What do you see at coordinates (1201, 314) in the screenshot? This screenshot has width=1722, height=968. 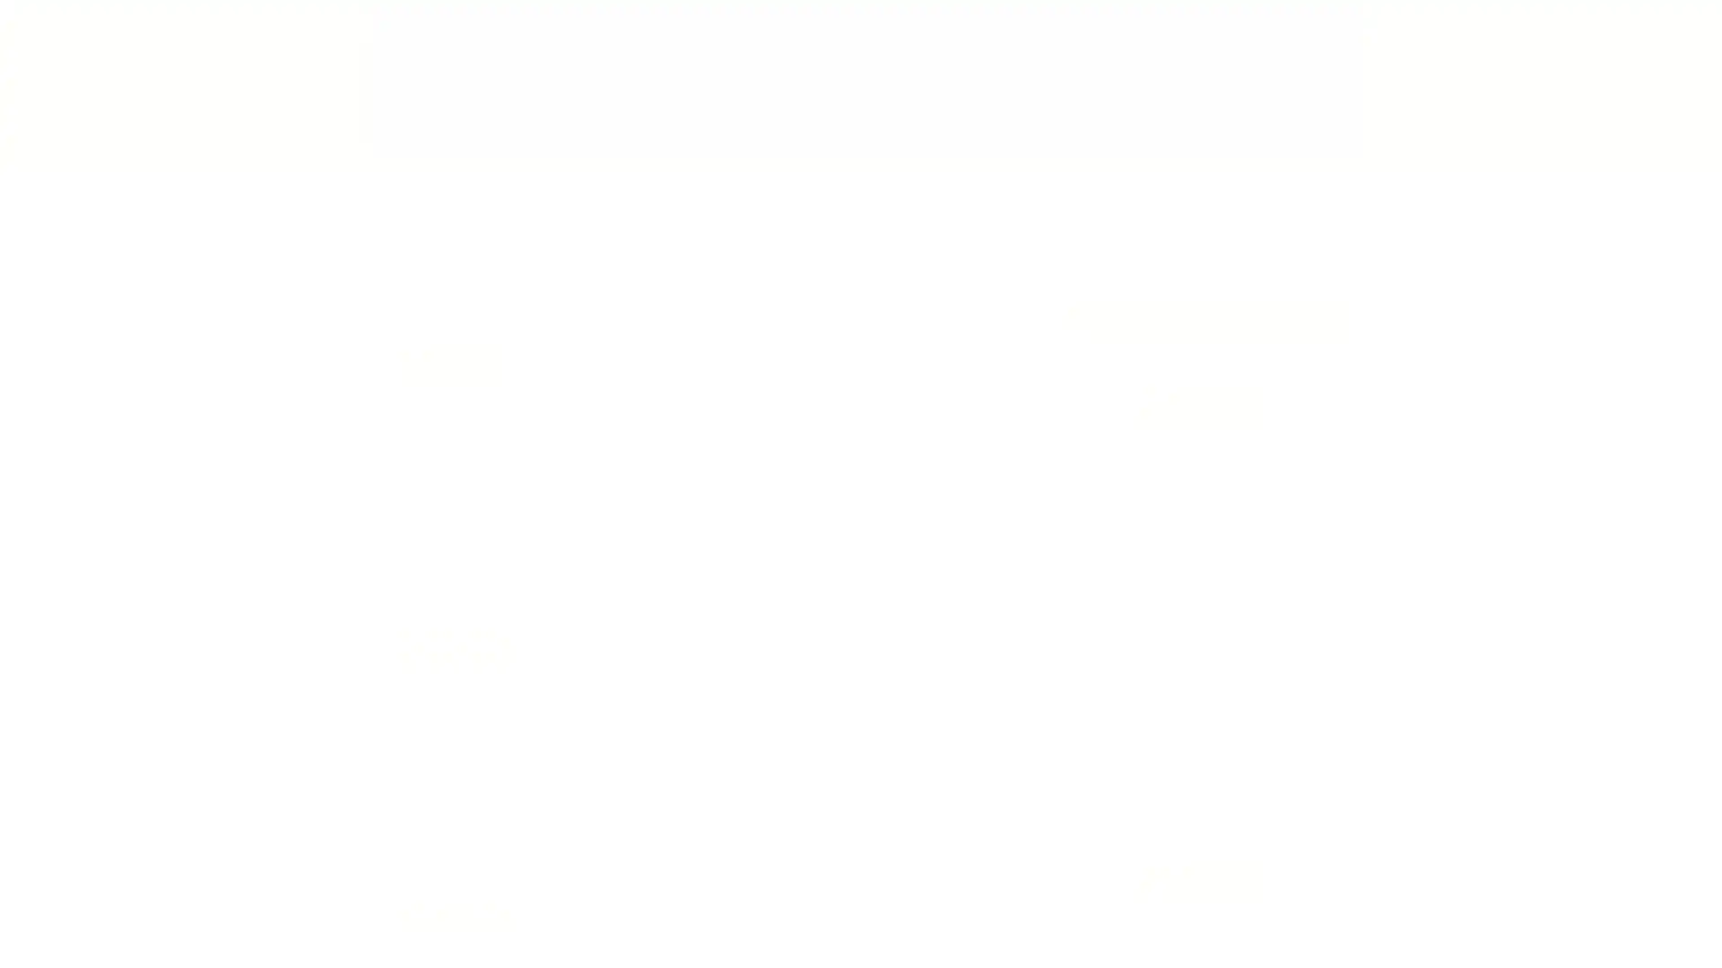 I see `Search` at bounding box center [1201, 314].